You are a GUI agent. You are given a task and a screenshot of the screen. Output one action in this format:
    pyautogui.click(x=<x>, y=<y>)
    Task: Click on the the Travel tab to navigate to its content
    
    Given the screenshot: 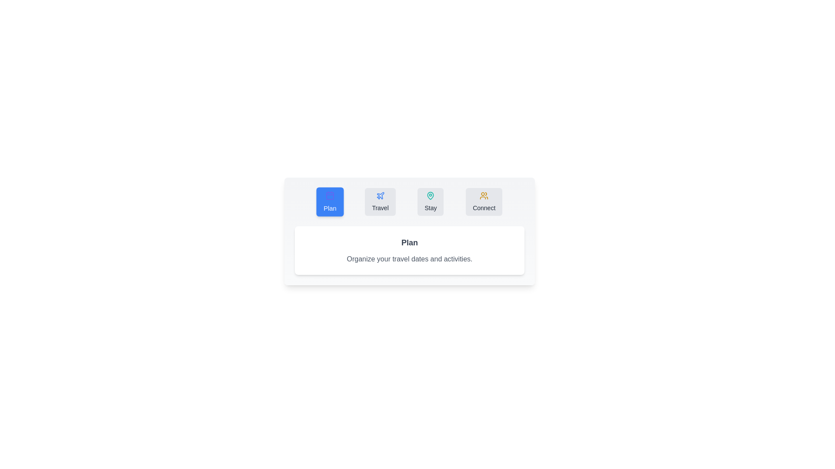 What is the action you would take?
    pyautogui.click(x=380, y=202)
    